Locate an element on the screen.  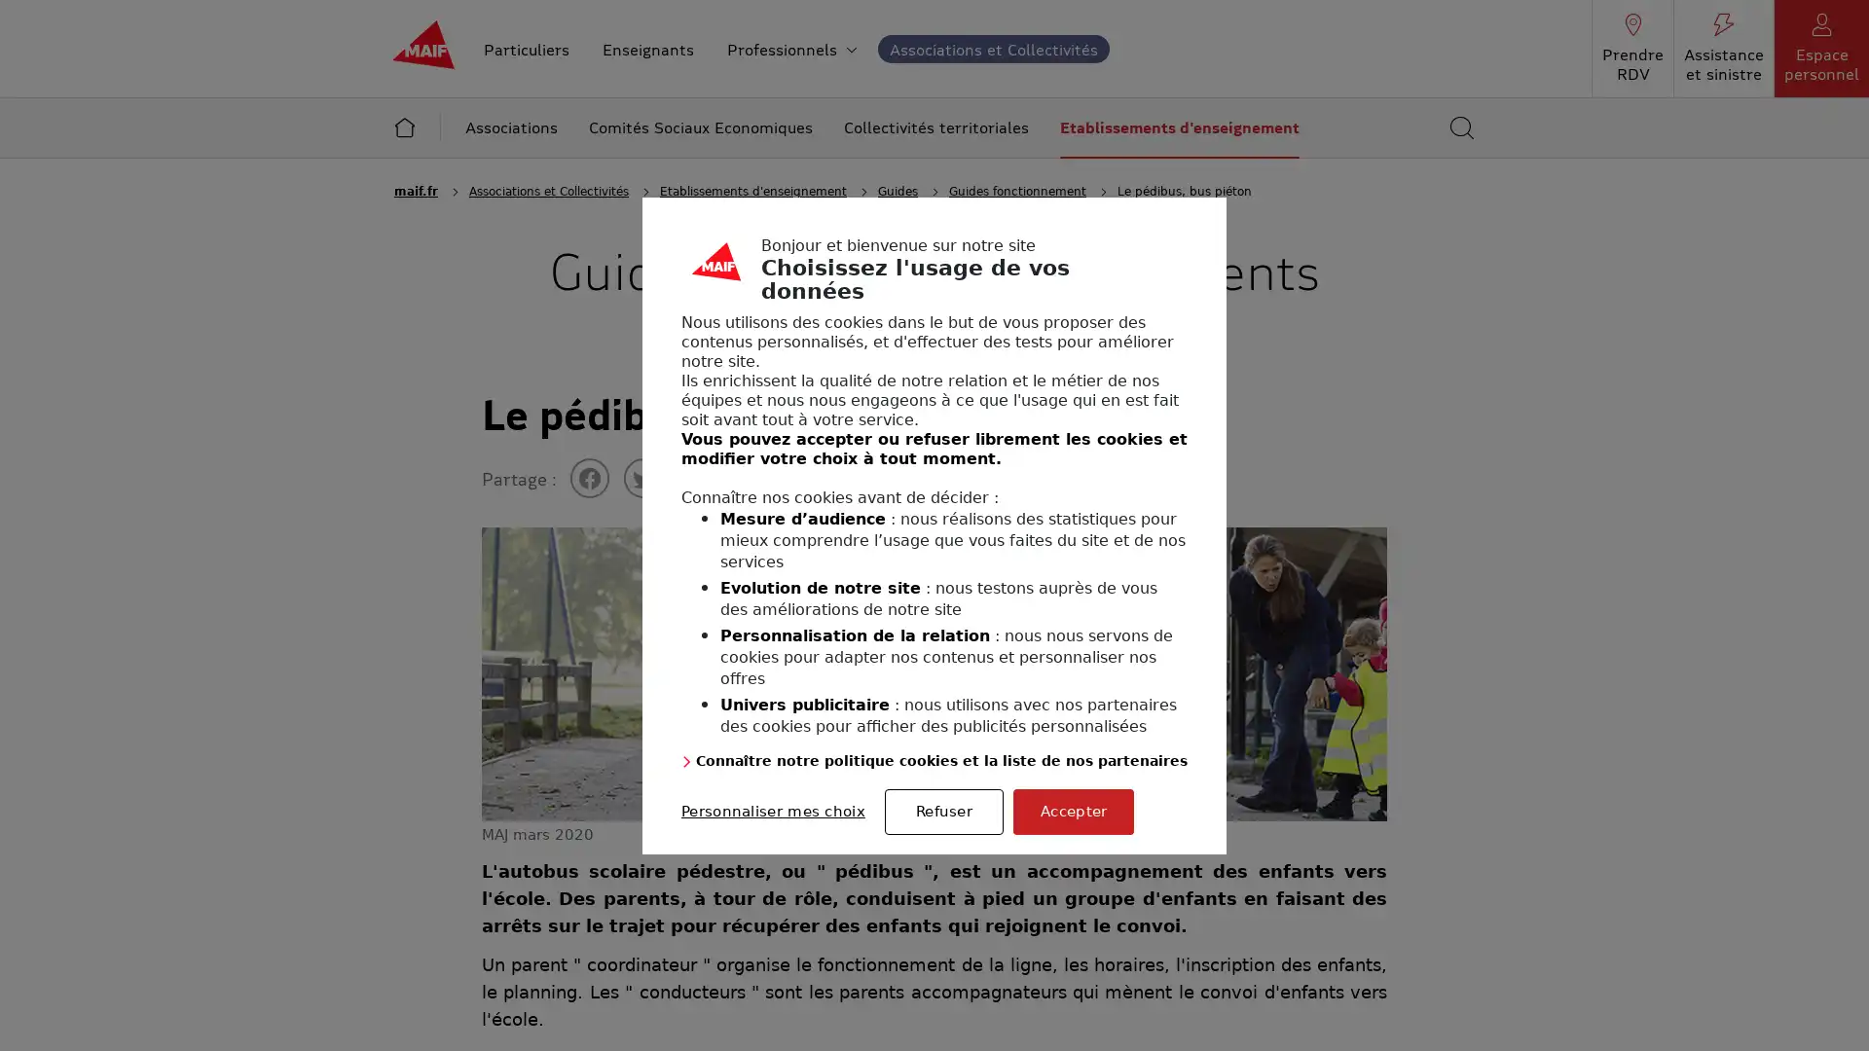
Comites Sociaux Economiques is located at coordinates (701, 127).